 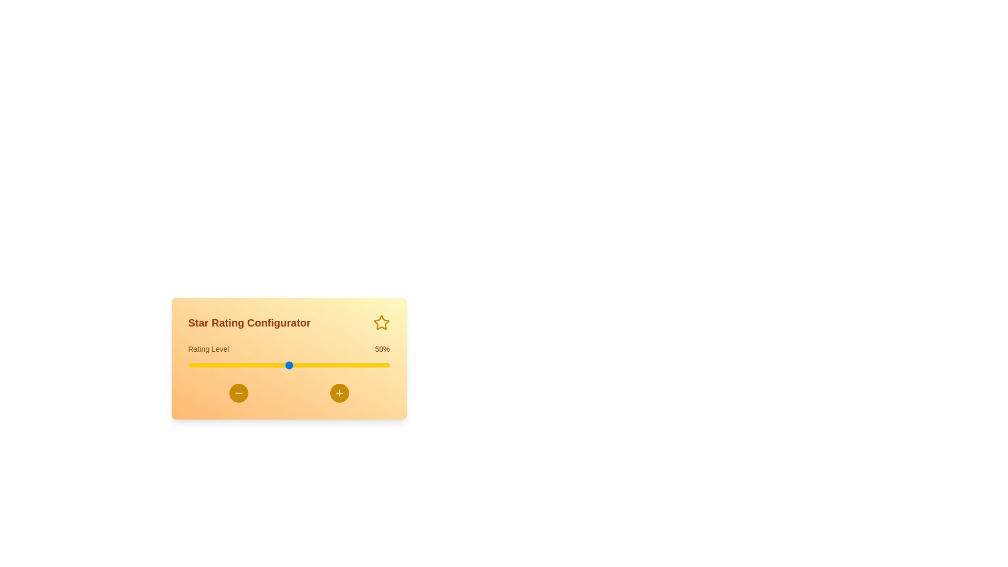 What do you see at coordinates (224, 364) in the screenshot?
I see `the slider to set the rating to 18%` at bounding box center [224, 364].